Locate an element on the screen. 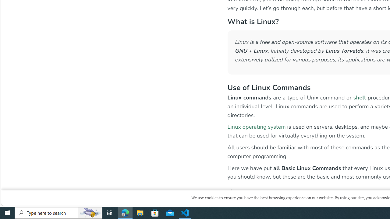  'shell' is located at coordinates (360, 97).